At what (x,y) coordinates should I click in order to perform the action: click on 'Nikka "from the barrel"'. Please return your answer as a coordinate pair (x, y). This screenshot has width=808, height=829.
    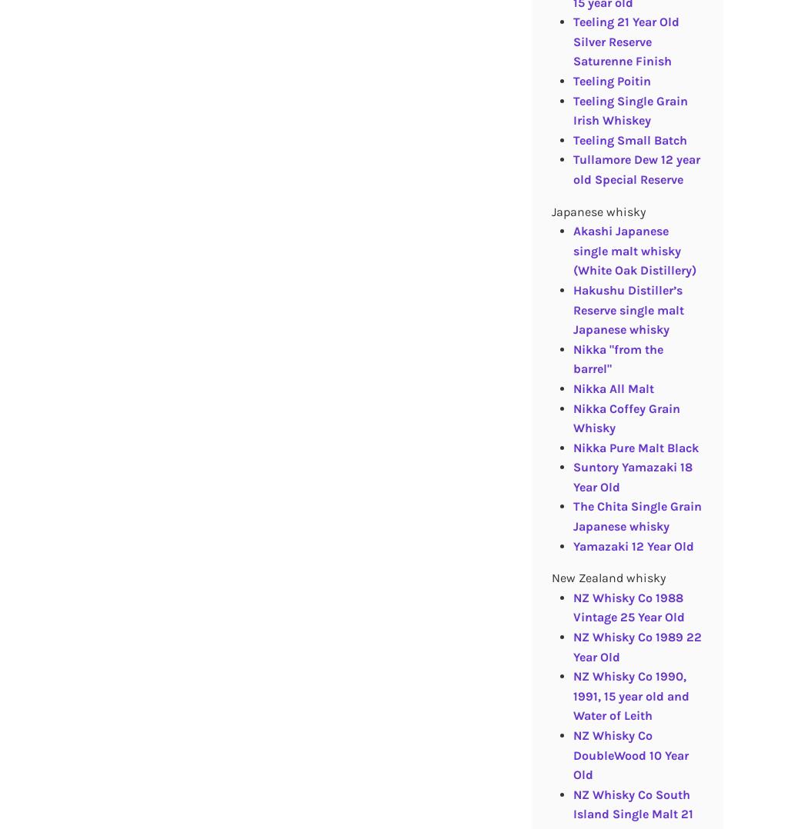
    Looking at the image, I should click on (616, 358).